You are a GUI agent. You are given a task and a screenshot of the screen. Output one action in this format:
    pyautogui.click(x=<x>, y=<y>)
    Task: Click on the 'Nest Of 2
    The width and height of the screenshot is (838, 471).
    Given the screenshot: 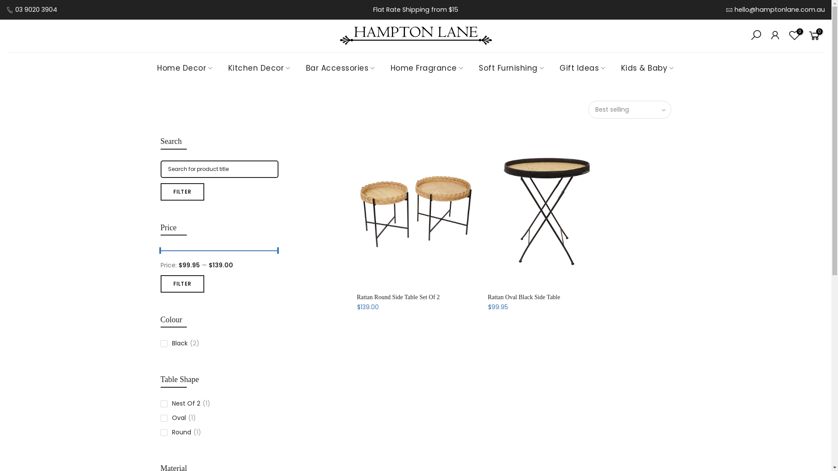 What is the action you would take?
    pyautogui.click(x=220, y=403)
    